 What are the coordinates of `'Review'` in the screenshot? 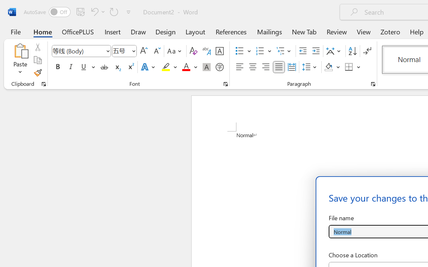 It's located at (337, 31).